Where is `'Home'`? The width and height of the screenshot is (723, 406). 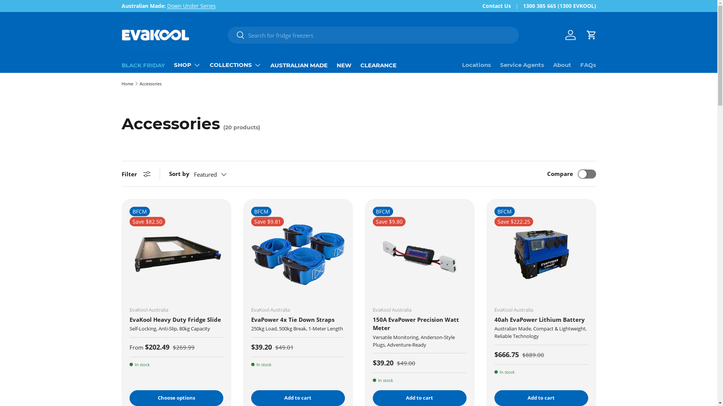
'Home' is located at coordinates (121, 83).